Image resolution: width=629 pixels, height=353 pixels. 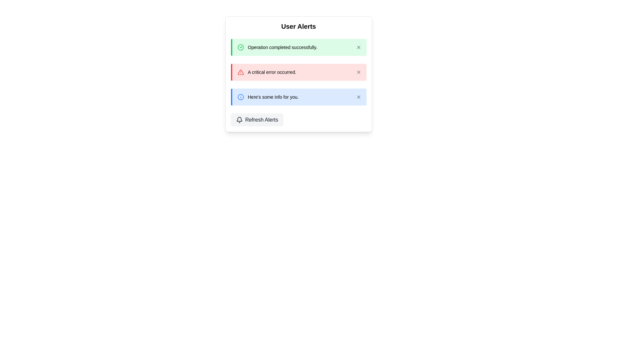 I want to click on the close button on the second alert notification box with a red border and light red background, so click(x=298, y=72).